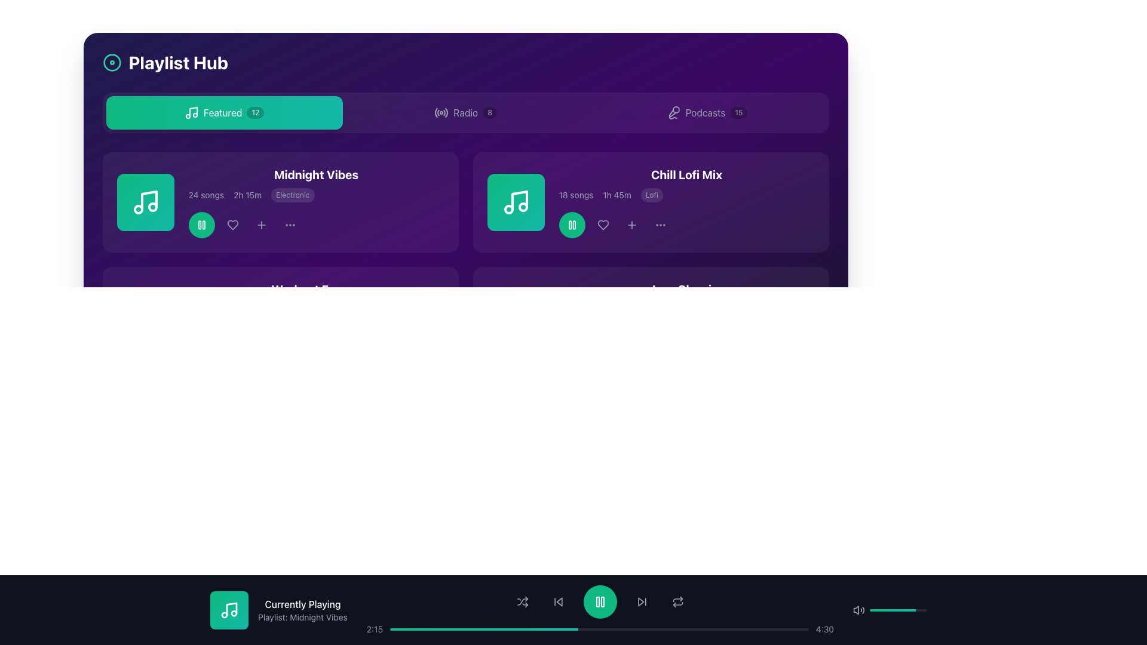 The height and width of the screenshot is (645, 1147). I want to click on the left-pointing triangular arrow icon located at the bottom left of the toolbar, so click(559, 601).